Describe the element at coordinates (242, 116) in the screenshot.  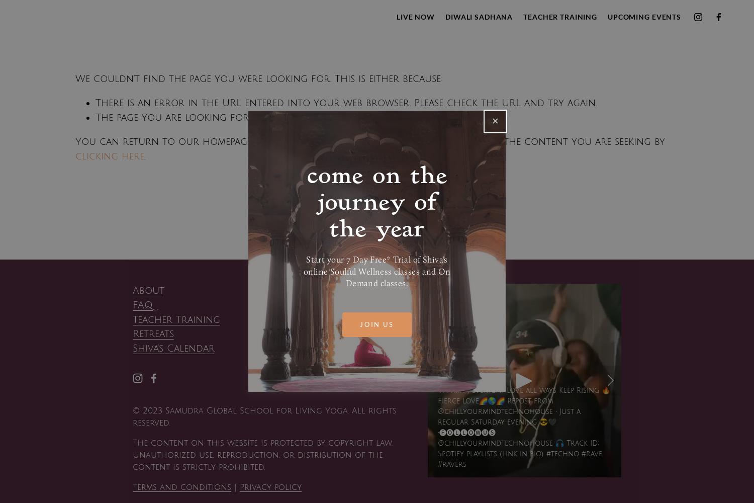
I see `'The page you are looking for has been moved or deleted.'` at that location.